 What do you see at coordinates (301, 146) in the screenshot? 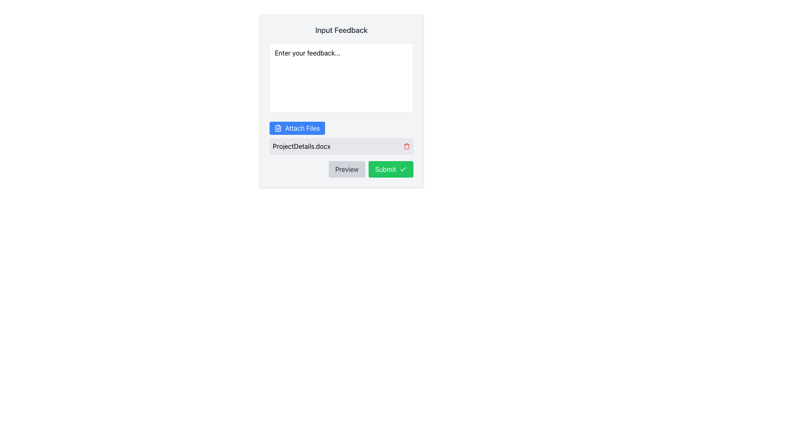
I see `the static text label displaying the file name 'ProjectDetails.docx', which is positioned within a light gray background area below the 'Attach Files' button in the 'Input Feedback' interface` at bounding box center [301, 146].